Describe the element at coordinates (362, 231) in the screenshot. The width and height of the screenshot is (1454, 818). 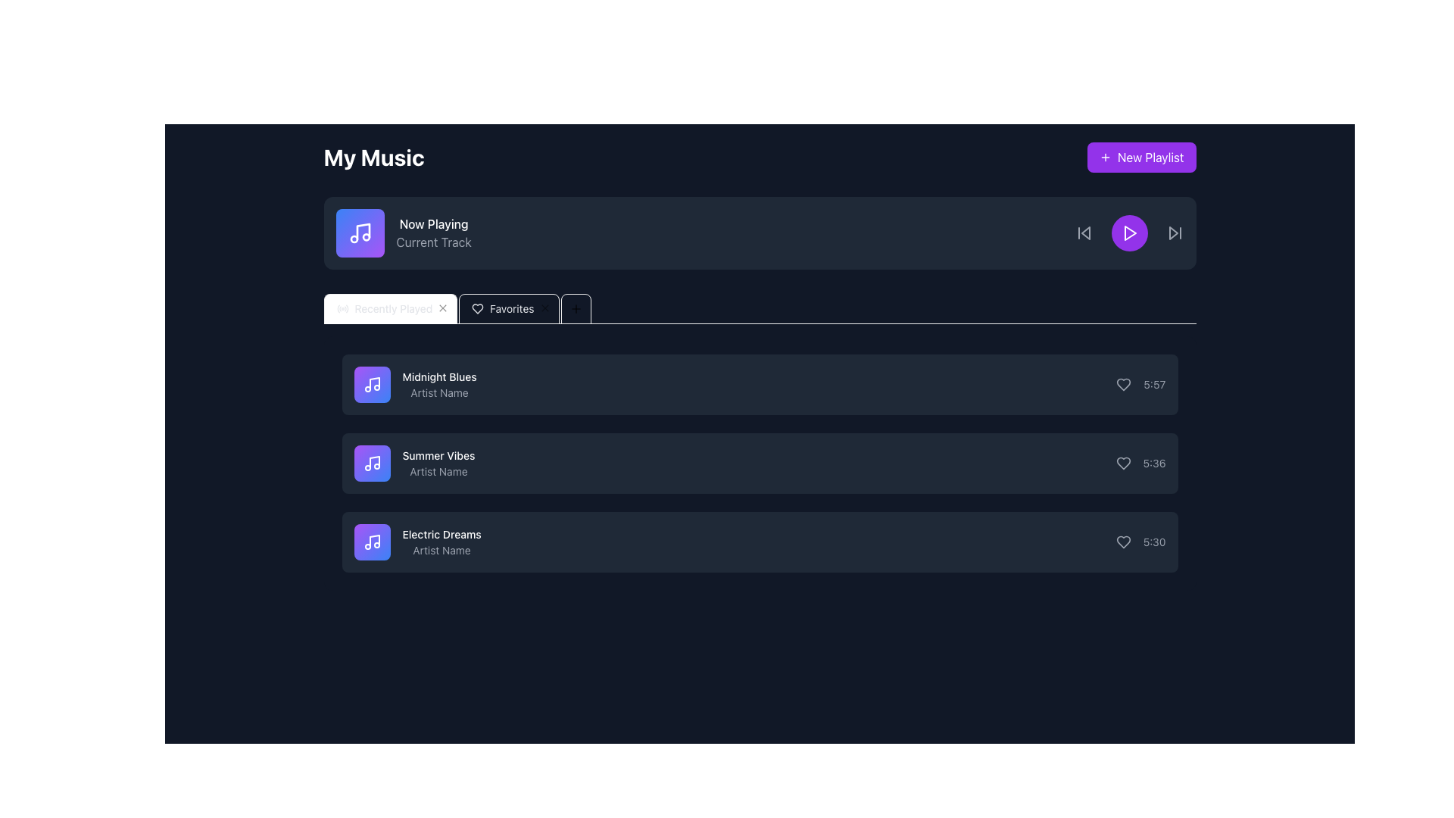
I see `the music note icon with a purple fill and white outline located in the 'Now Playing' section of the music-themed UI` at that location.